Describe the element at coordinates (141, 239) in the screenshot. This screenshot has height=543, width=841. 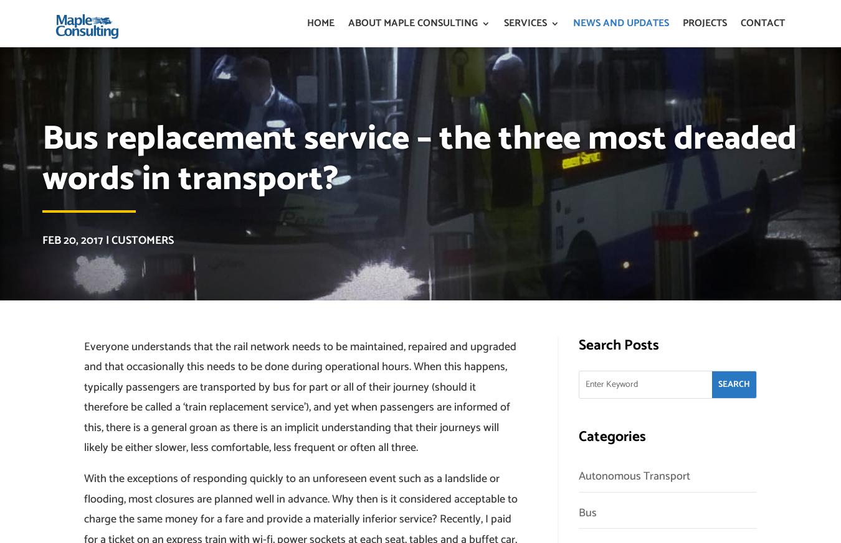
I see `'Customers'` at that location.